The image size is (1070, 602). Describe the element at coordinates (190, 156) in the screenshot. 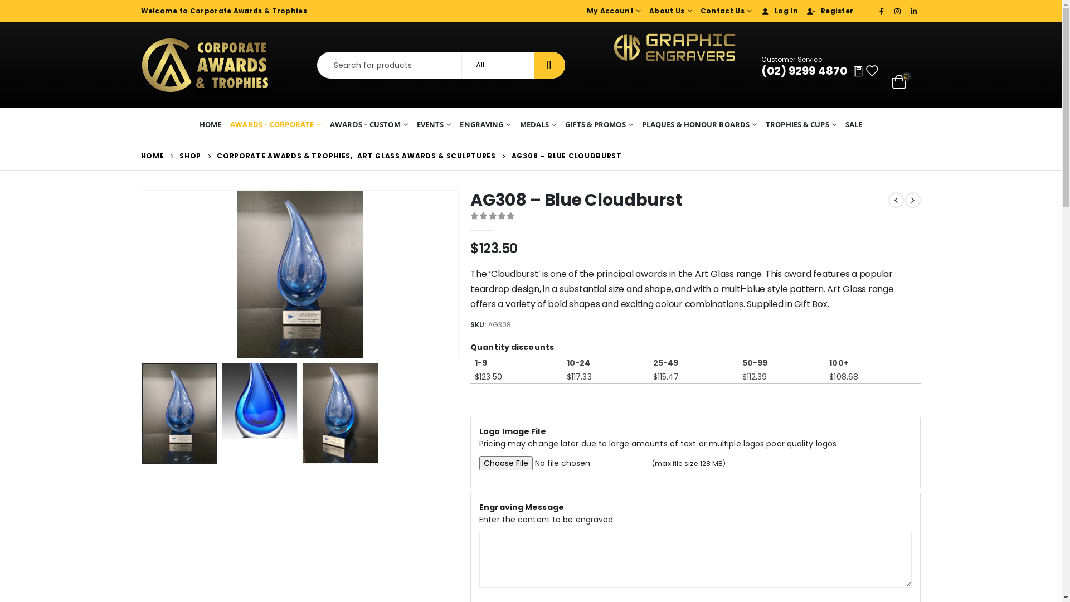

I see `'SHOP'` at that location.